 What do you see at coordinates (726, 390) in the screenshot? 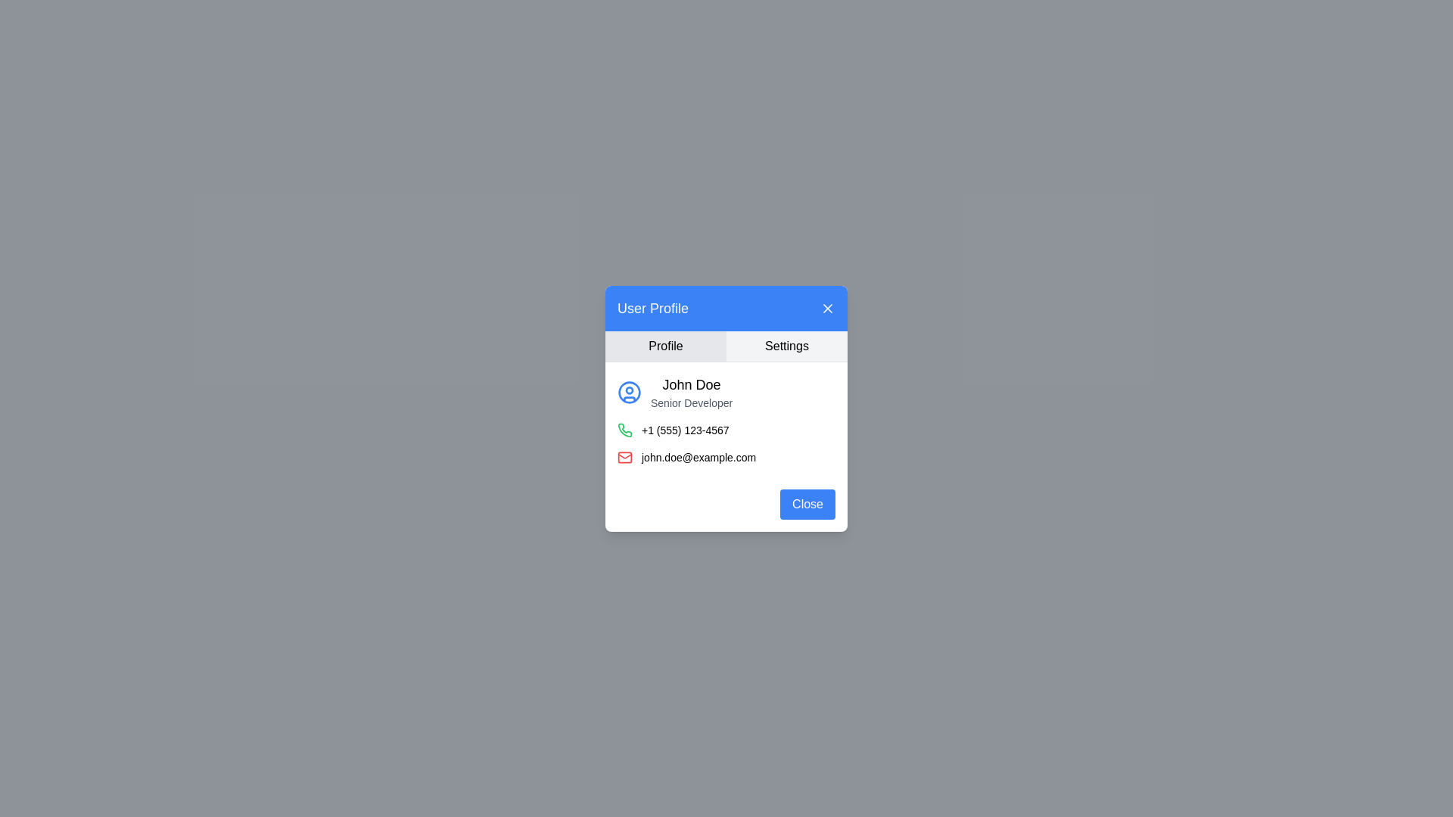
I see `the profile identification element that displays the user's name and role, located at the top section of the profile information card` at bounding box center [726, 390].